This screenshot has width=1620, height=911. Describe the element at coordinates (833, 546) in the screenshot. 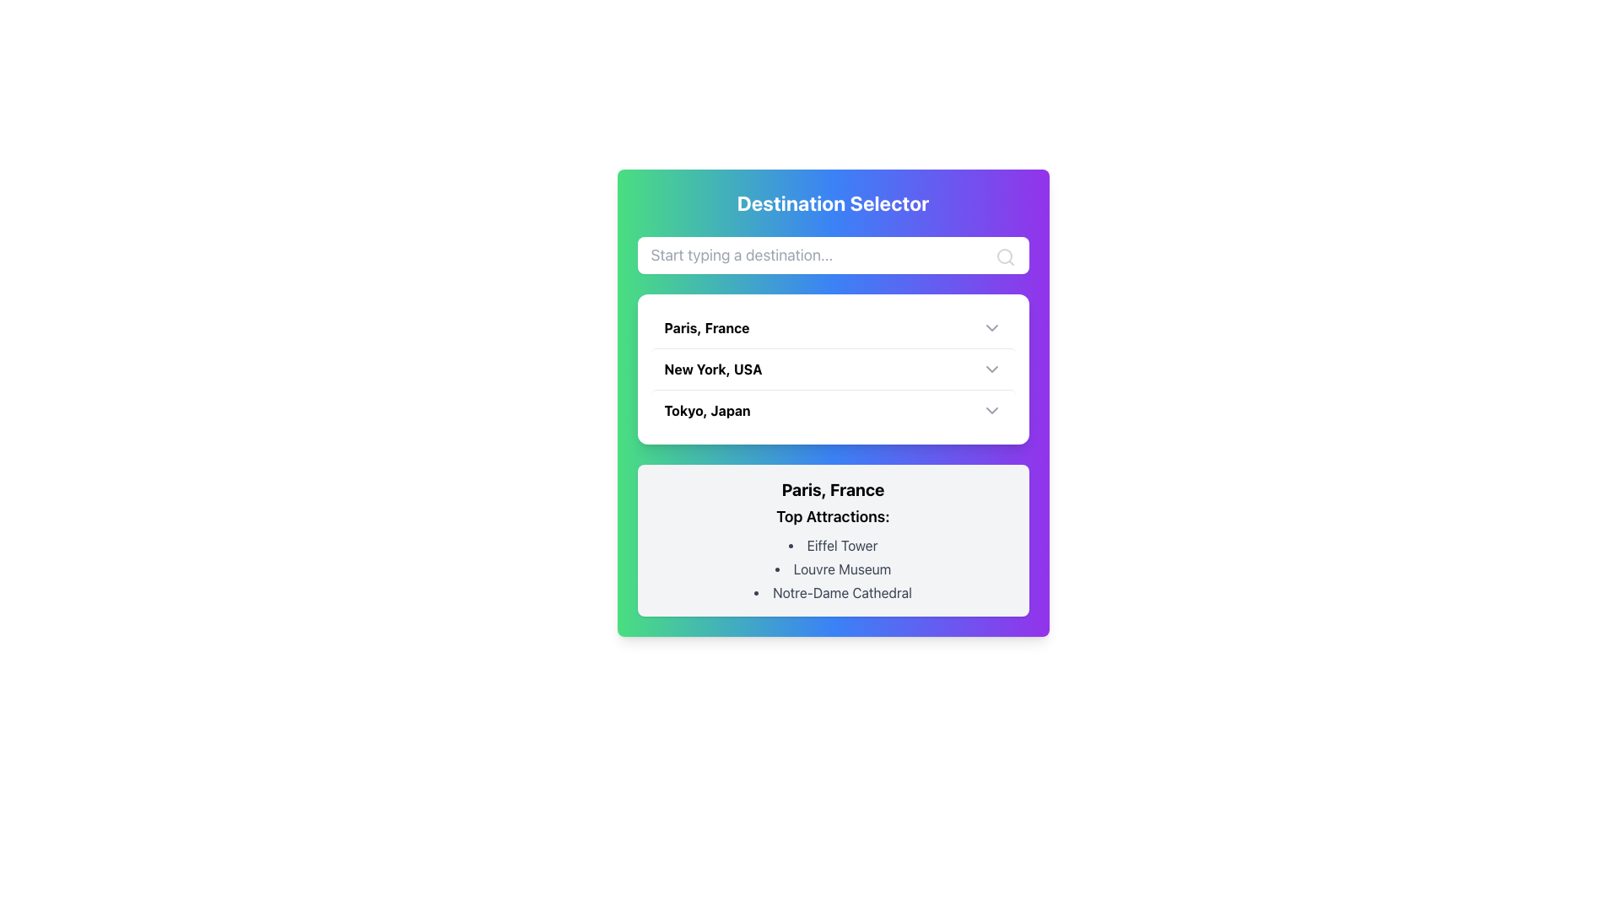

I see `the text label displaying 'Eiffel Tower' in the top attractions list for Paris, France` at that location.